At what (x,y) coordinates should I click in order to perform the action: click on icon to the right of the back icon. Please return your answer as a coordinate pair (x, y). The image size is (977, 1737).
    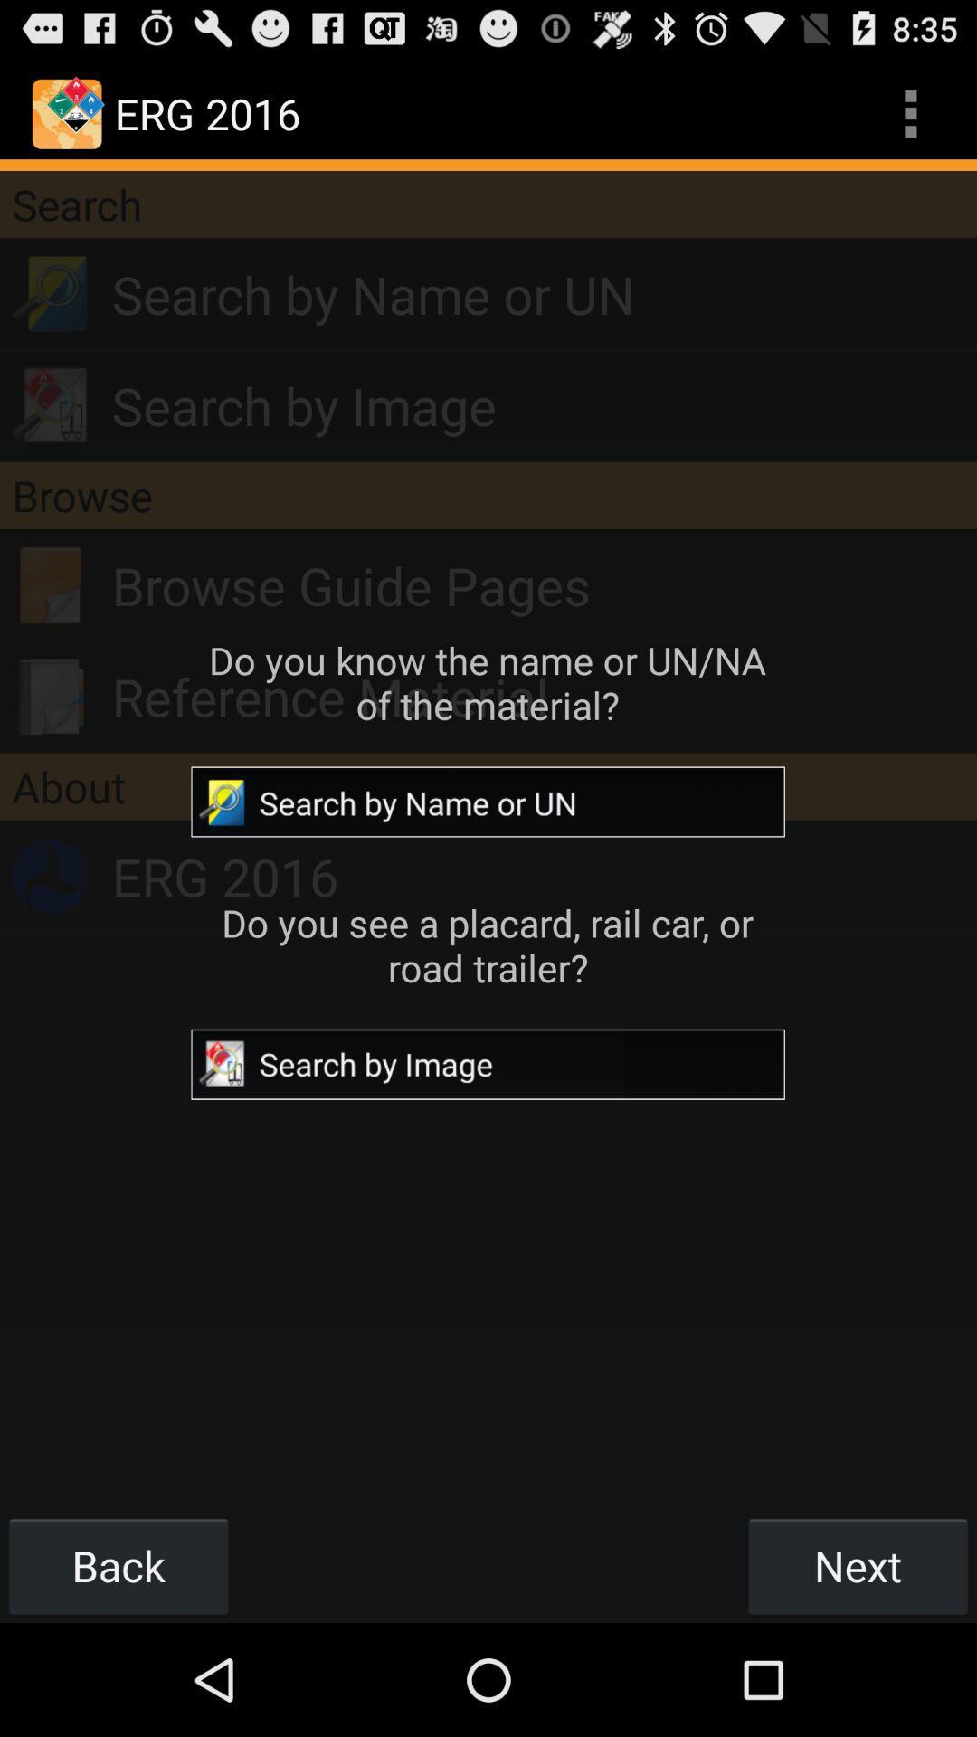
    Looking at the image, I should click on (857, 1565).